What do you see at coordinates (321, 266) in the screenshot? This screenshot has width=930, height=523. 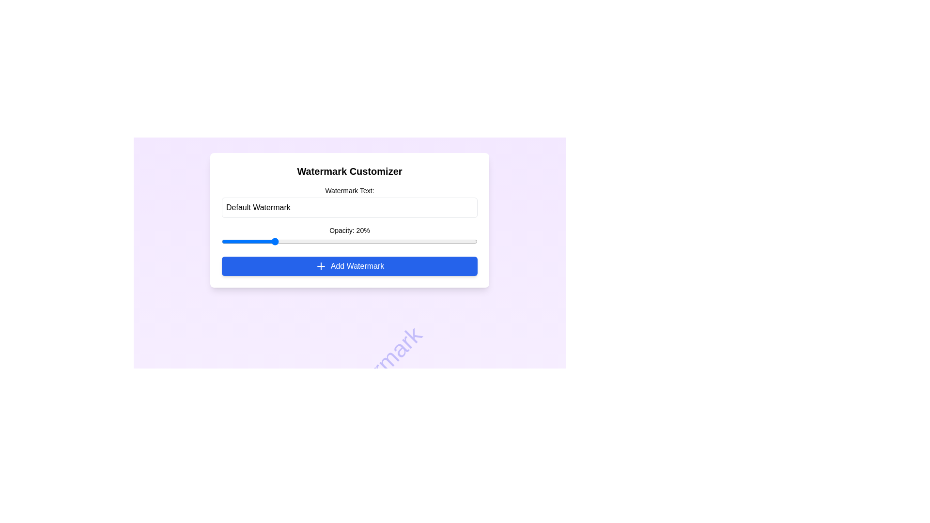 I see `the icon representing the action of adding a new item, which is located inside the 'Add Watermark' button towards the left side` at bounding box center [321, 266].